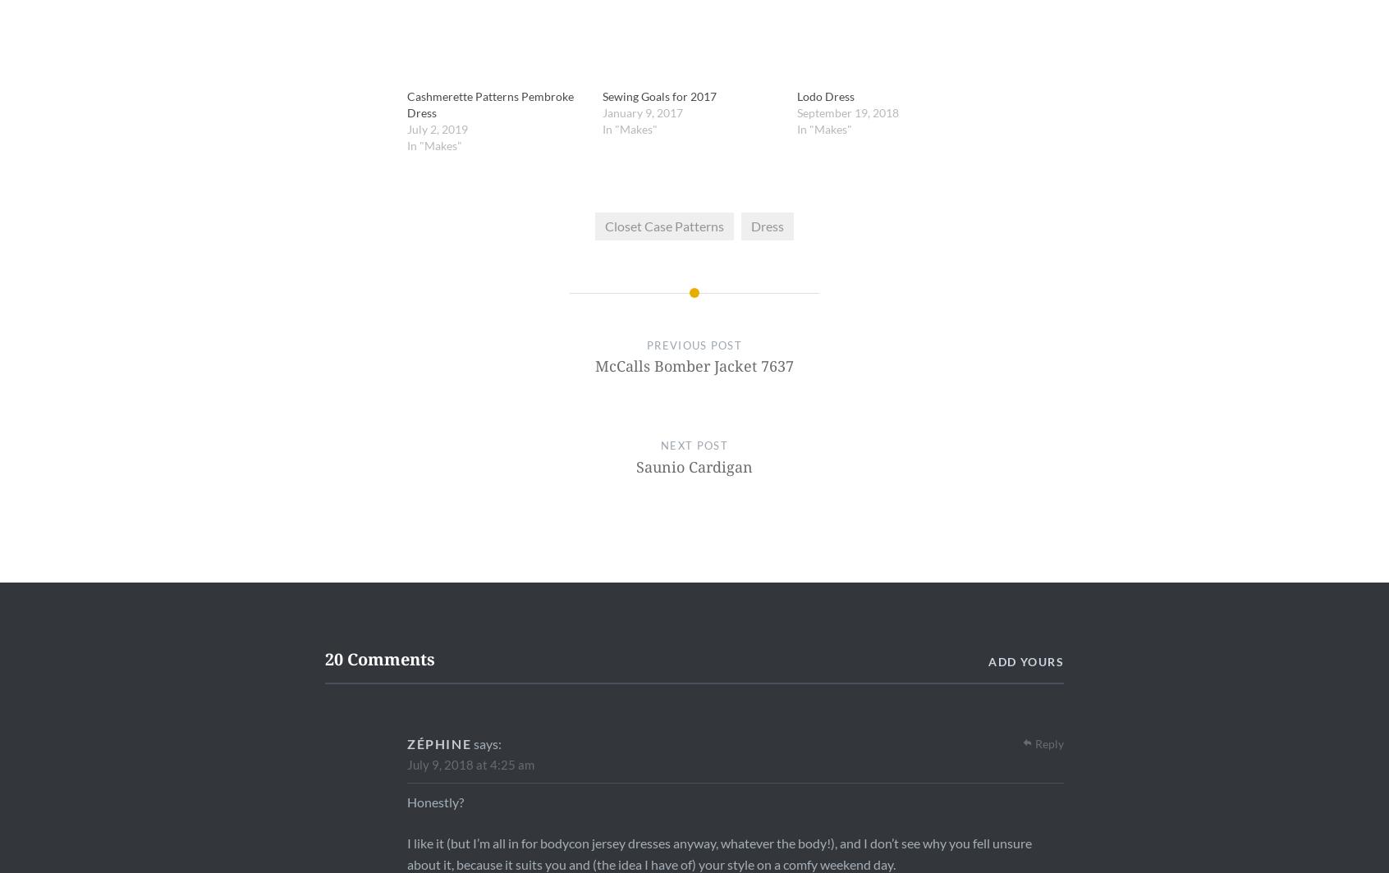 The width and height of the screenshot is (1389, 873). What do you see at coordinates (750, 225) in the screenshot?
I see `'Dress'` at bounding box center [750, 225].